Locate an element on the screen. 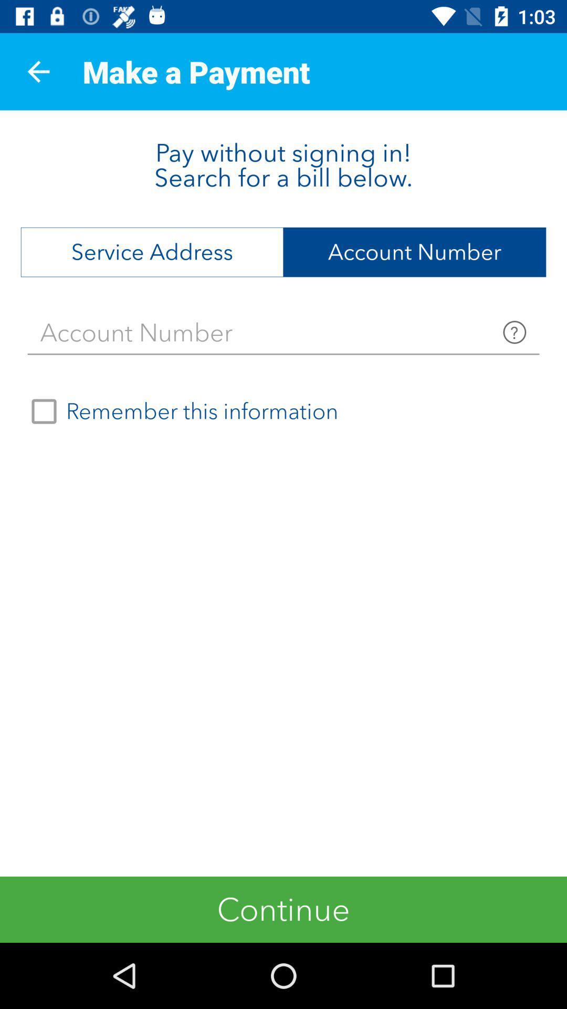 The height and width of the screenshot is (1009, 567). icon next to the service address is located at coordinates (414, 252).